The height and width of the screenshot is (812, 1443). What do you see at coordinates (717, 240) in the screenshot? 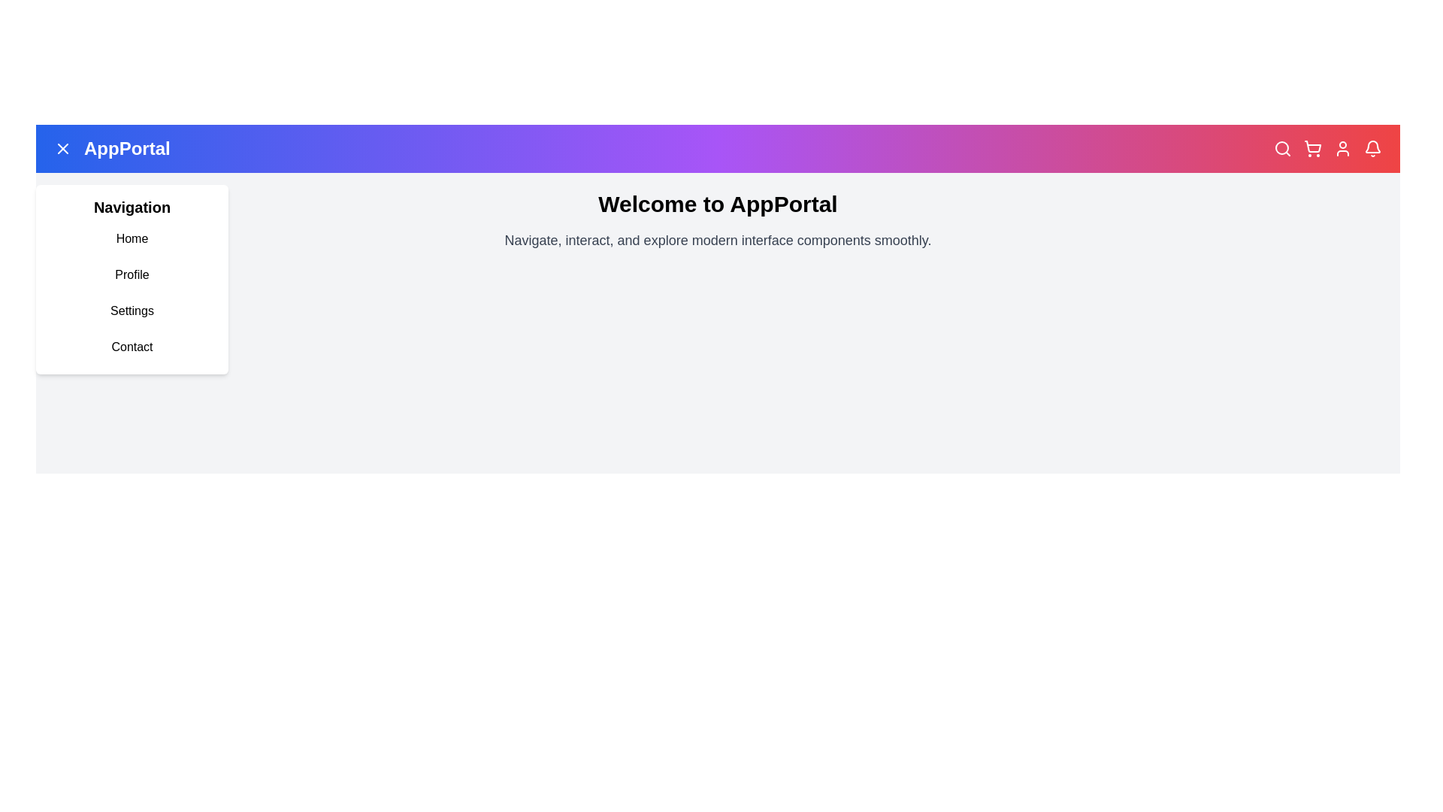
I see `text displayed prominently in light gray font below the bold header 'Welcome to AppPortal', which reads: 'Navigate, interact, and explore modern interface components smoothly.'` at bounding box center [717, 240].